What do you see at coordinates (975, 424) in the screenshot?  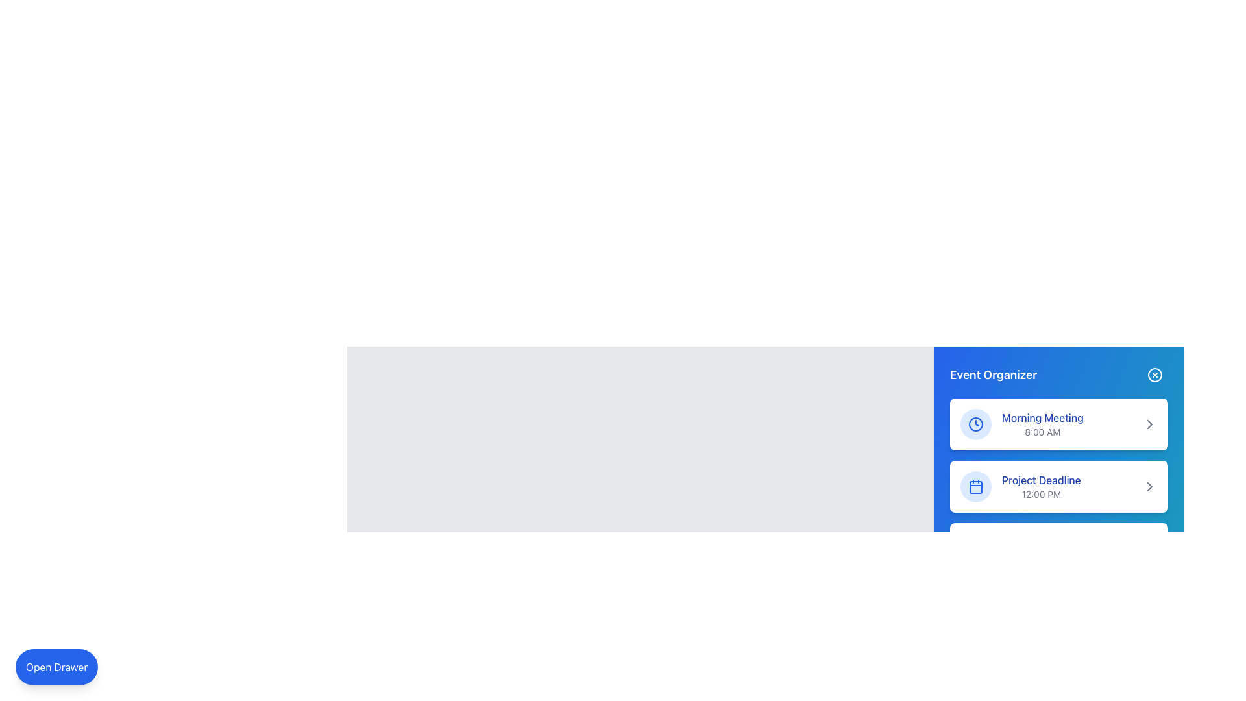 I see `the circular light blue icon with a clock symbol located in the upper-left section of the 'Morning Meeting' card, positioned to the left of the text 'Morning Meeting' and '8:00 AM'` at bounding box center [975, 424].